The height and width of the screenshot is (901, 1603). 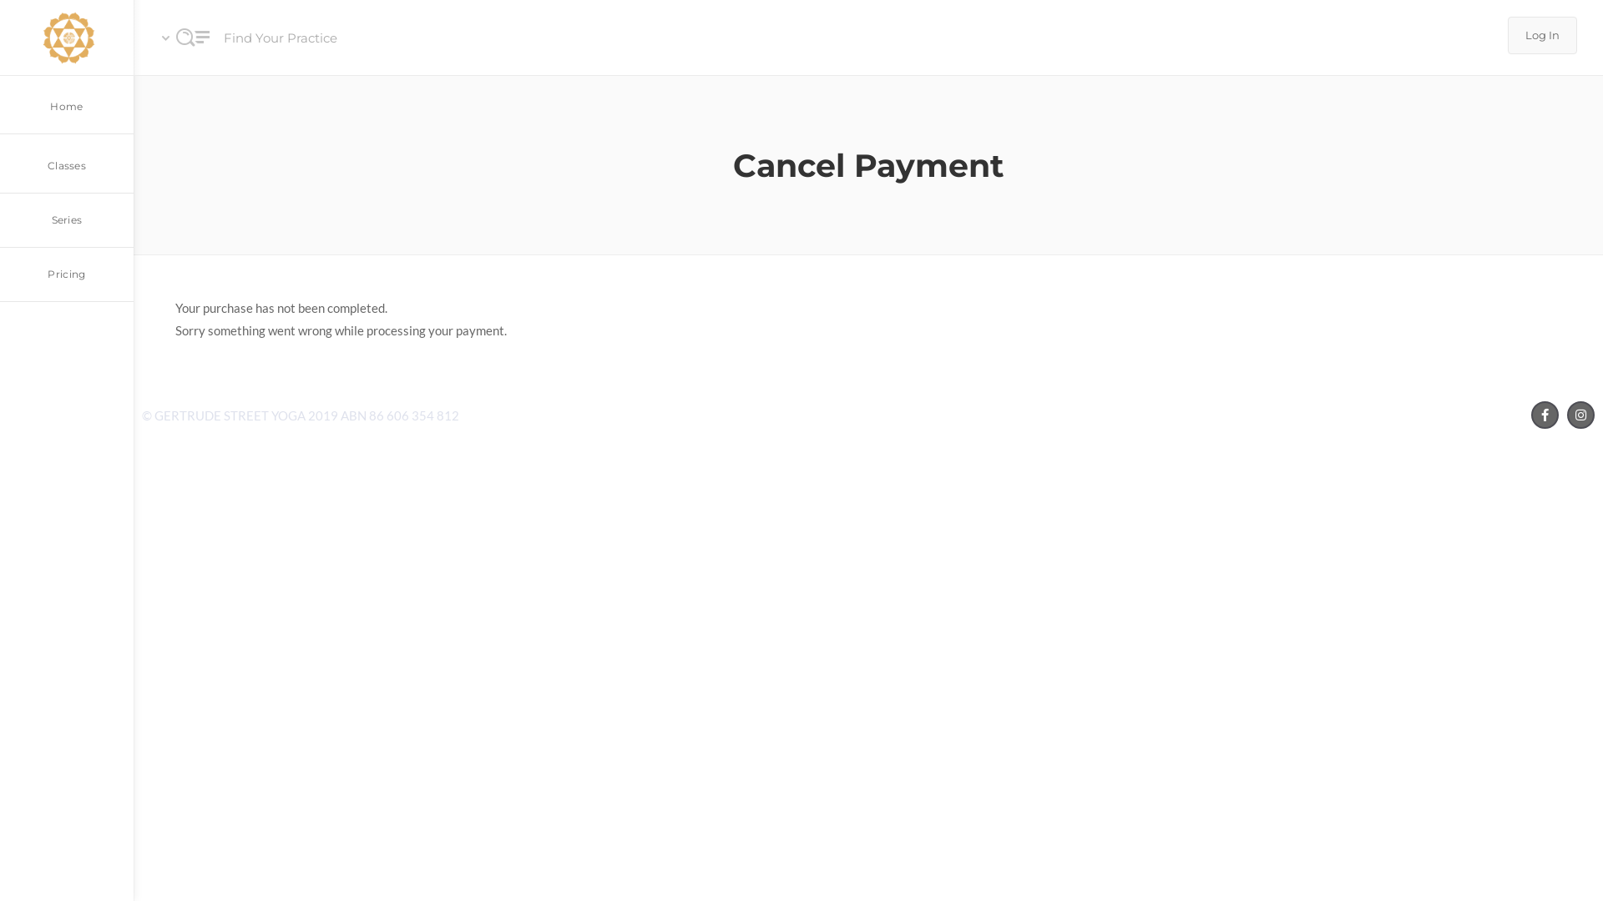 What do you see at coordinates (67, 219) in the screenshot?
I see `'Series'` at bounding box center [67, 219].